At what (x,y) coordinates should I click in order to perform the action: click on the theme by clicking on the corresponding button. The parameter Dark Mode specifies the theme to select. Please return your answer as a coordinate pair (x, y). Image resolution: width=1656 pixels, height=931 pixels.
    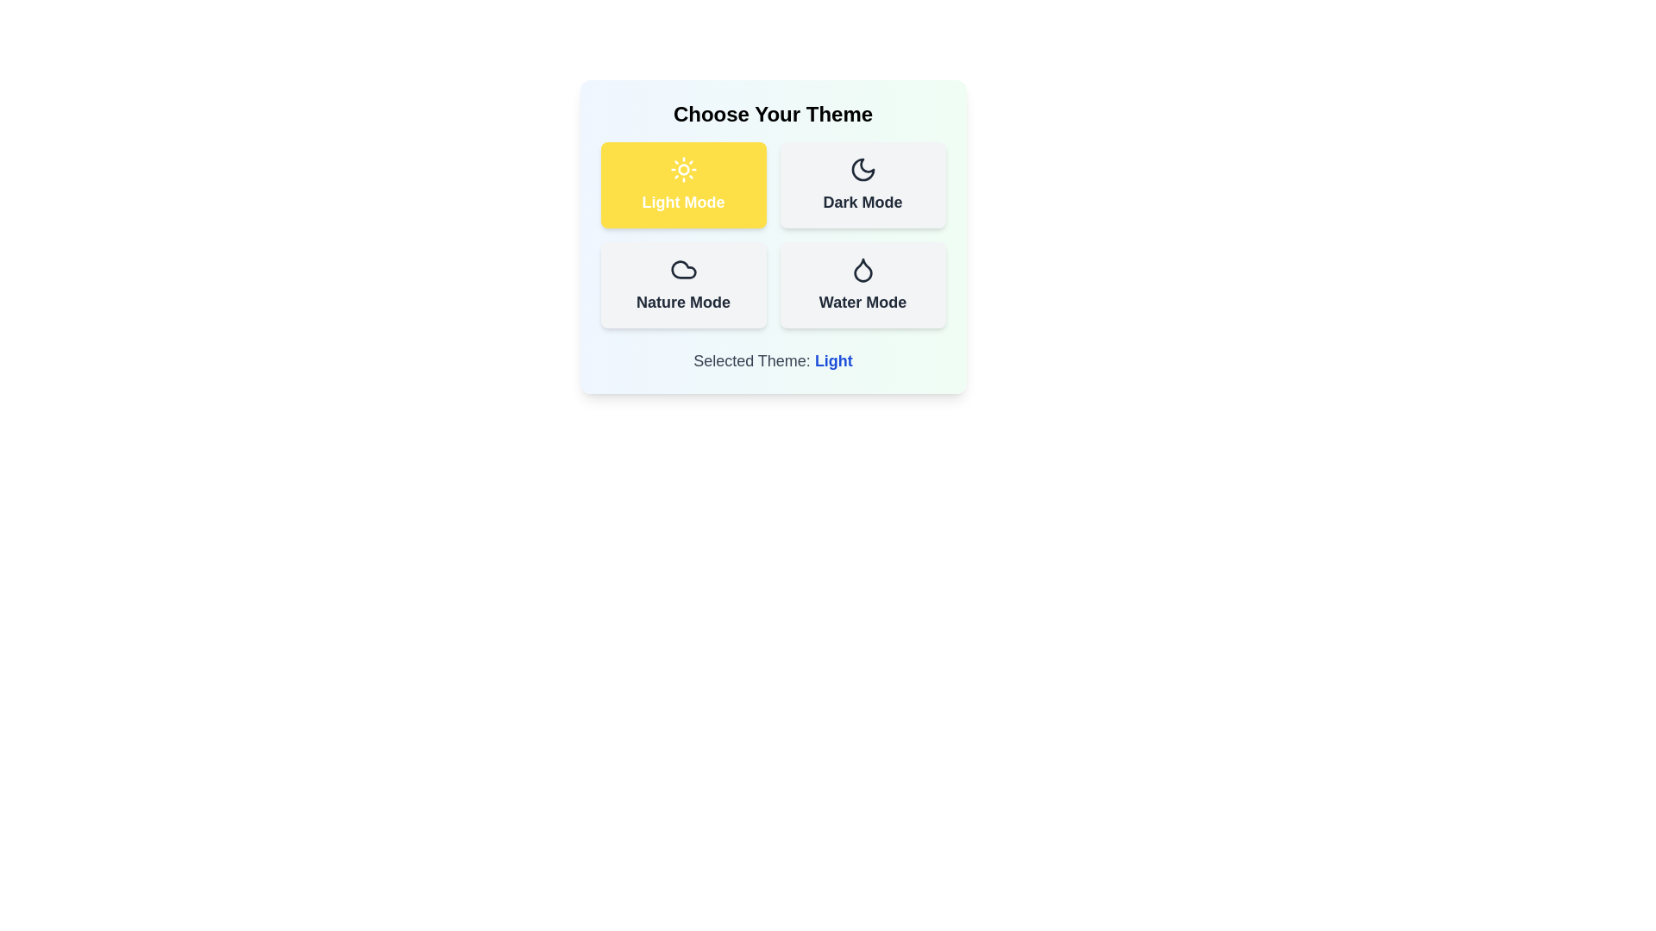
    Looking at the image, I should click on (862, 185).